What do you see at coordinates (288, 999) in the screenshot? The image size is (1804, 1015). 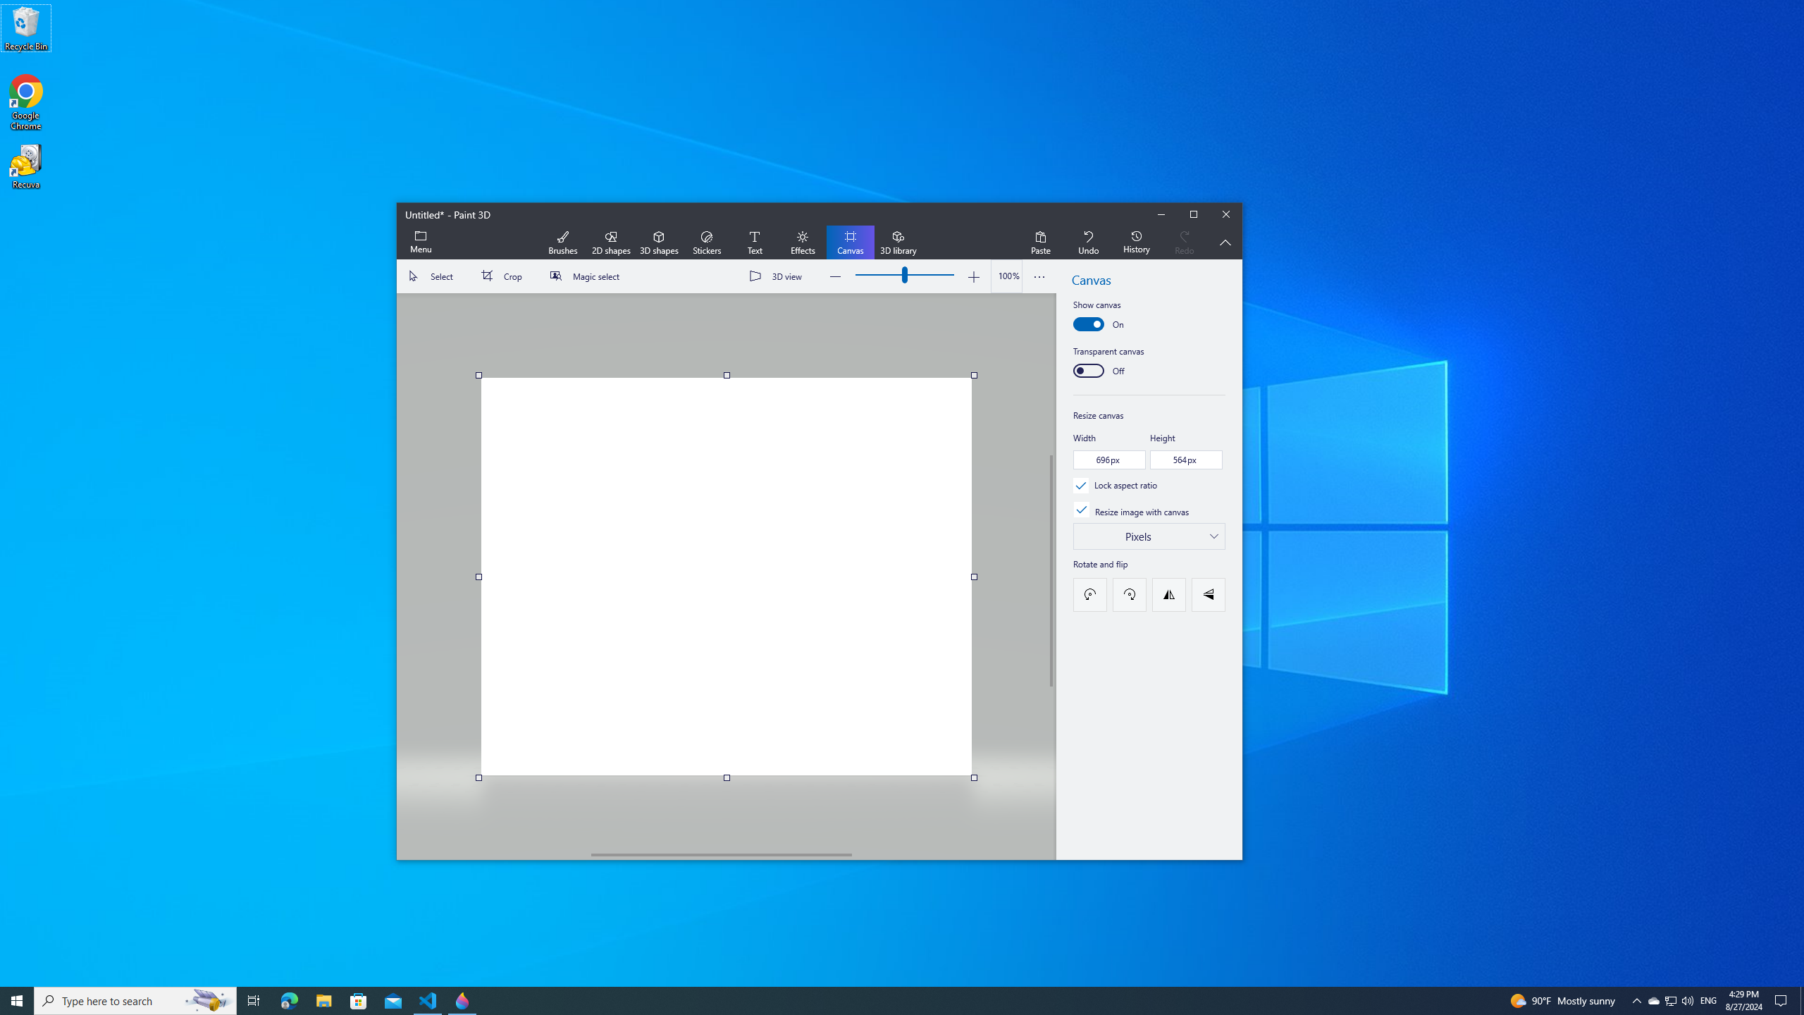 I see `'Microsoft Store'` at bounding box center [288, 999].